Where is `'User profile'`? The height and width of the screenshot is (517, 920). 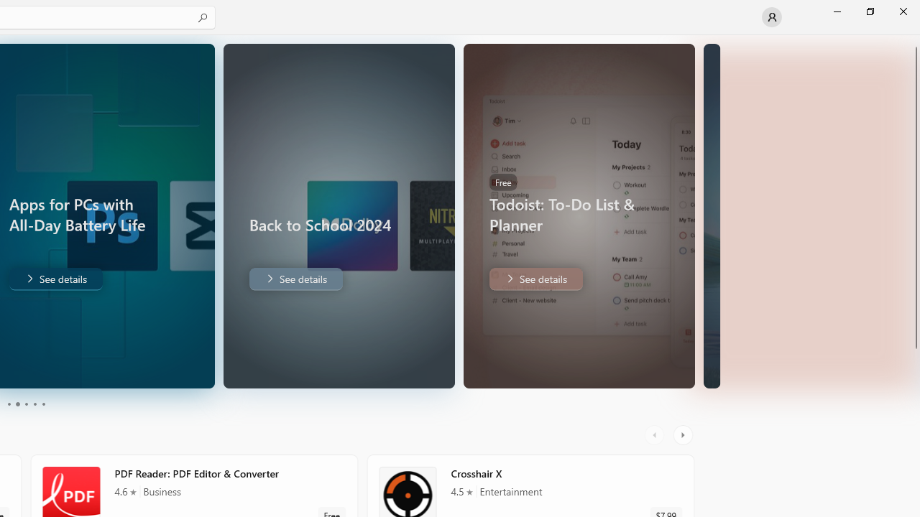 'User profile' is located at coordinates (770, 17).